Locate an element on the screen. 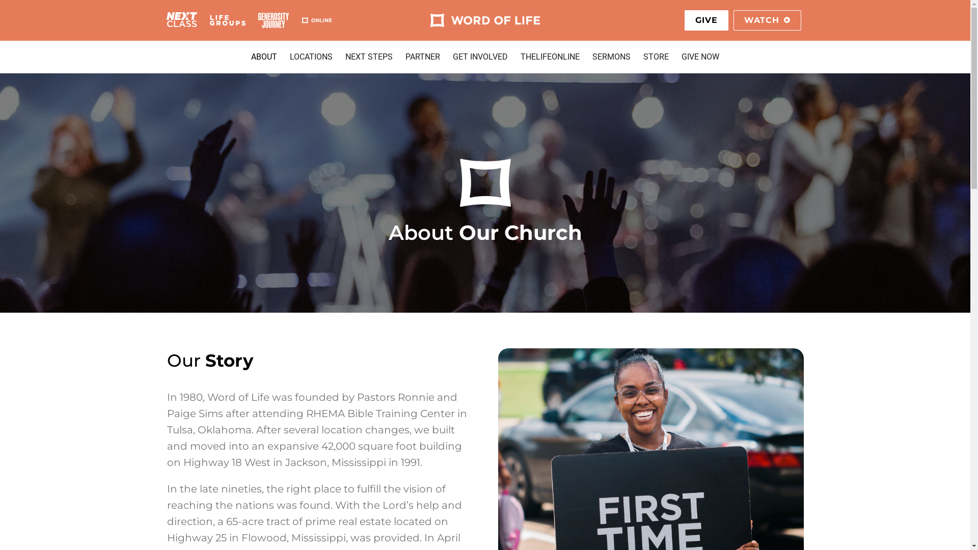  'WATCH' is located at coordinates (733, 20).